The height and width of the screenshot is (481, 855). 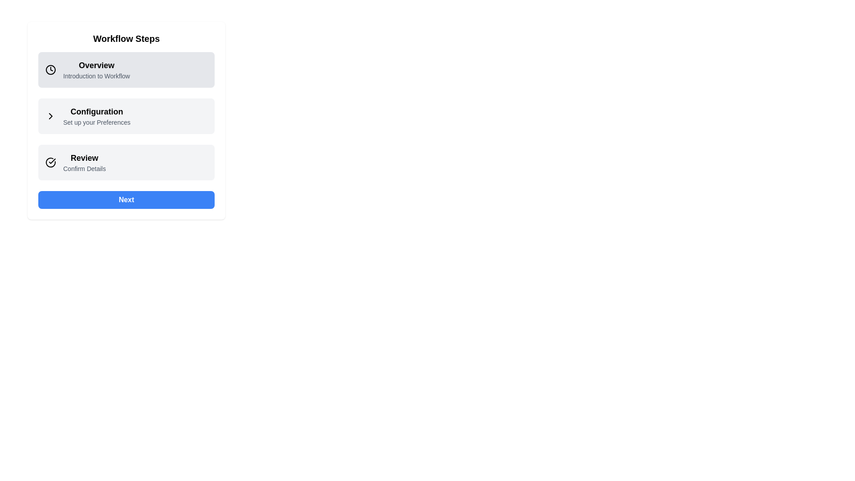 What do you see at coordinates (84, 157) in the screenshot?
I see `the 'Review' text label in the Workflow Steps section, which indicates the current step in the workflow` at bounding box center [84, 157].